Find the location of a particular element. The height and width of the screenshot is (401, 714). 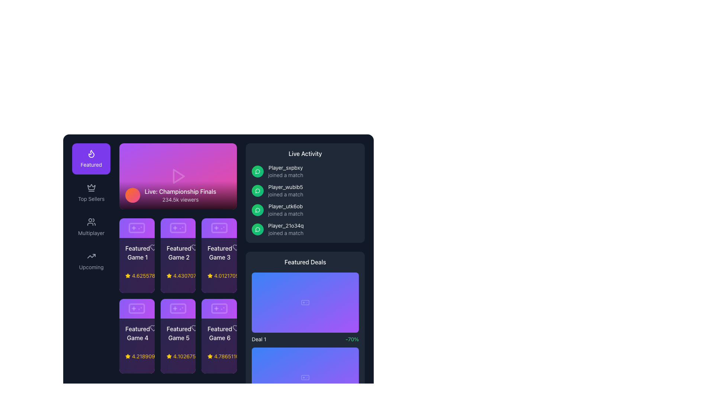

the rating display component located beneath the 'Featured Game 4' card, positioned in the lower left section of the grid layout is located at coordinates (152, 356).